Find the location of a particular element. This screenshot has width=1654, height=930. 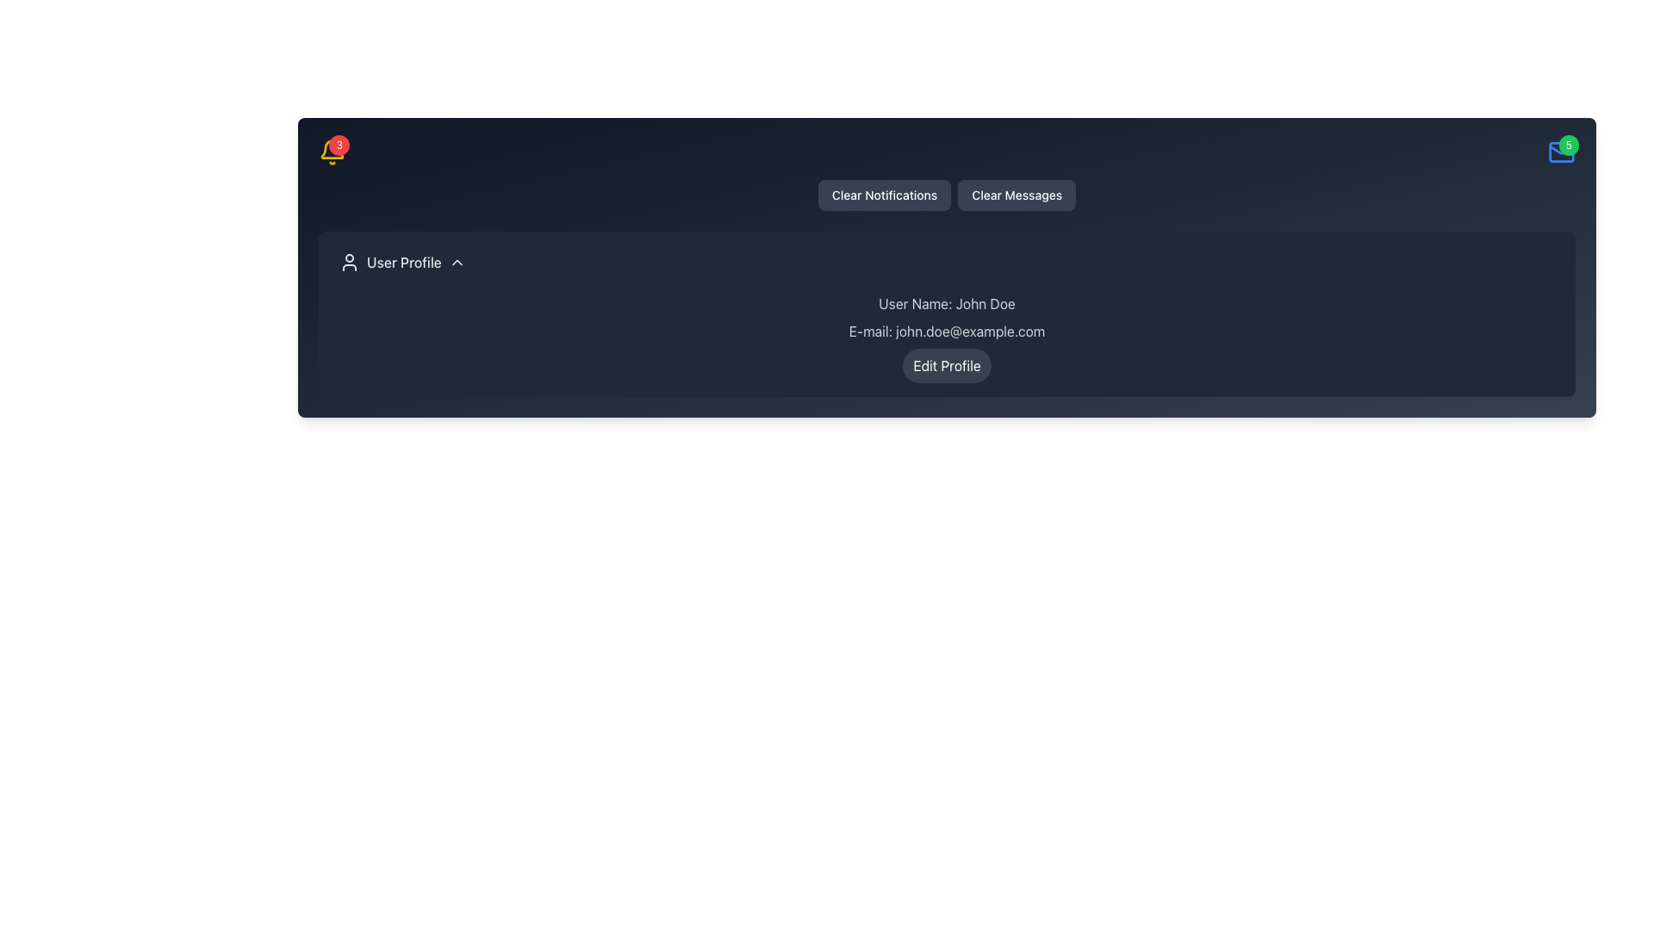

the notifications represented by the notification badge located at the top-right corner of the bell icon in the header is located at coordinates (339, 145).